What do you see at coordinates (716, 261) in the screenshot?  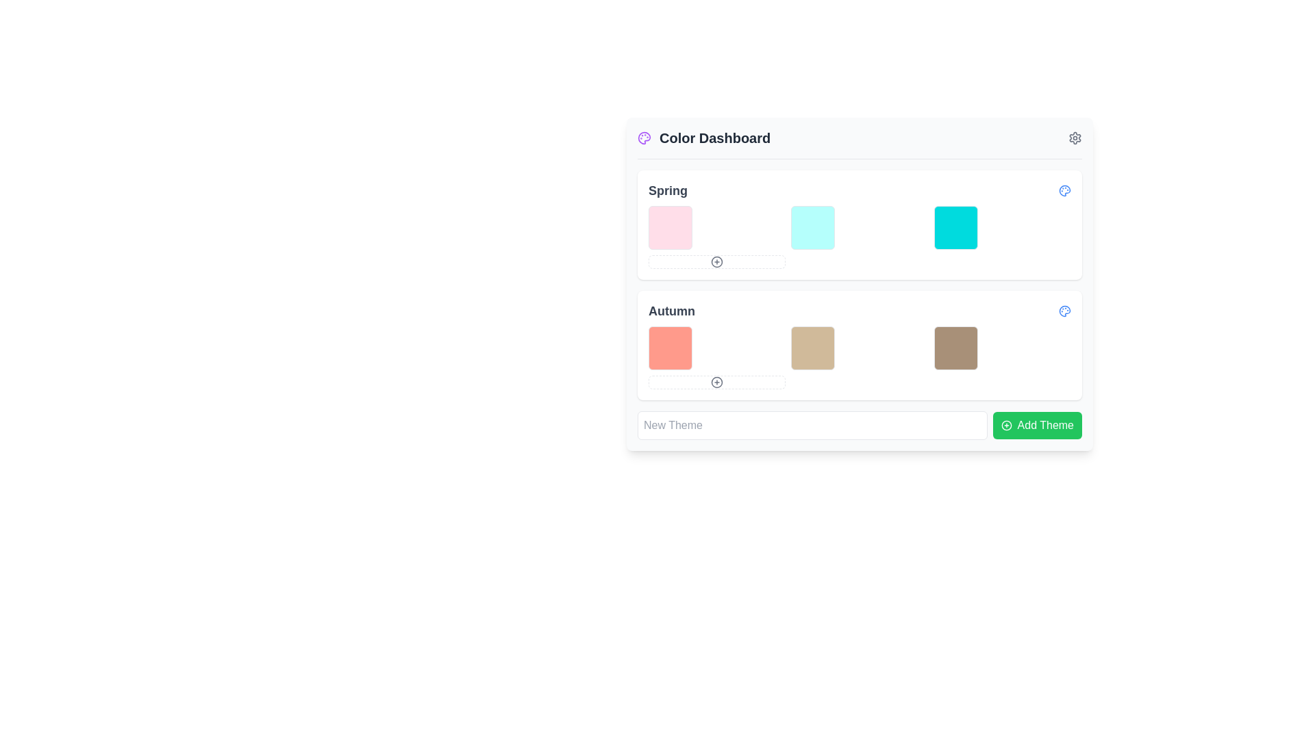 I see `the add-functionality placeholder located in the first row of the grid layout, directly beneath the three color swatches in the 'Spring' category to trigger information display` at bounding box center [716, 261].